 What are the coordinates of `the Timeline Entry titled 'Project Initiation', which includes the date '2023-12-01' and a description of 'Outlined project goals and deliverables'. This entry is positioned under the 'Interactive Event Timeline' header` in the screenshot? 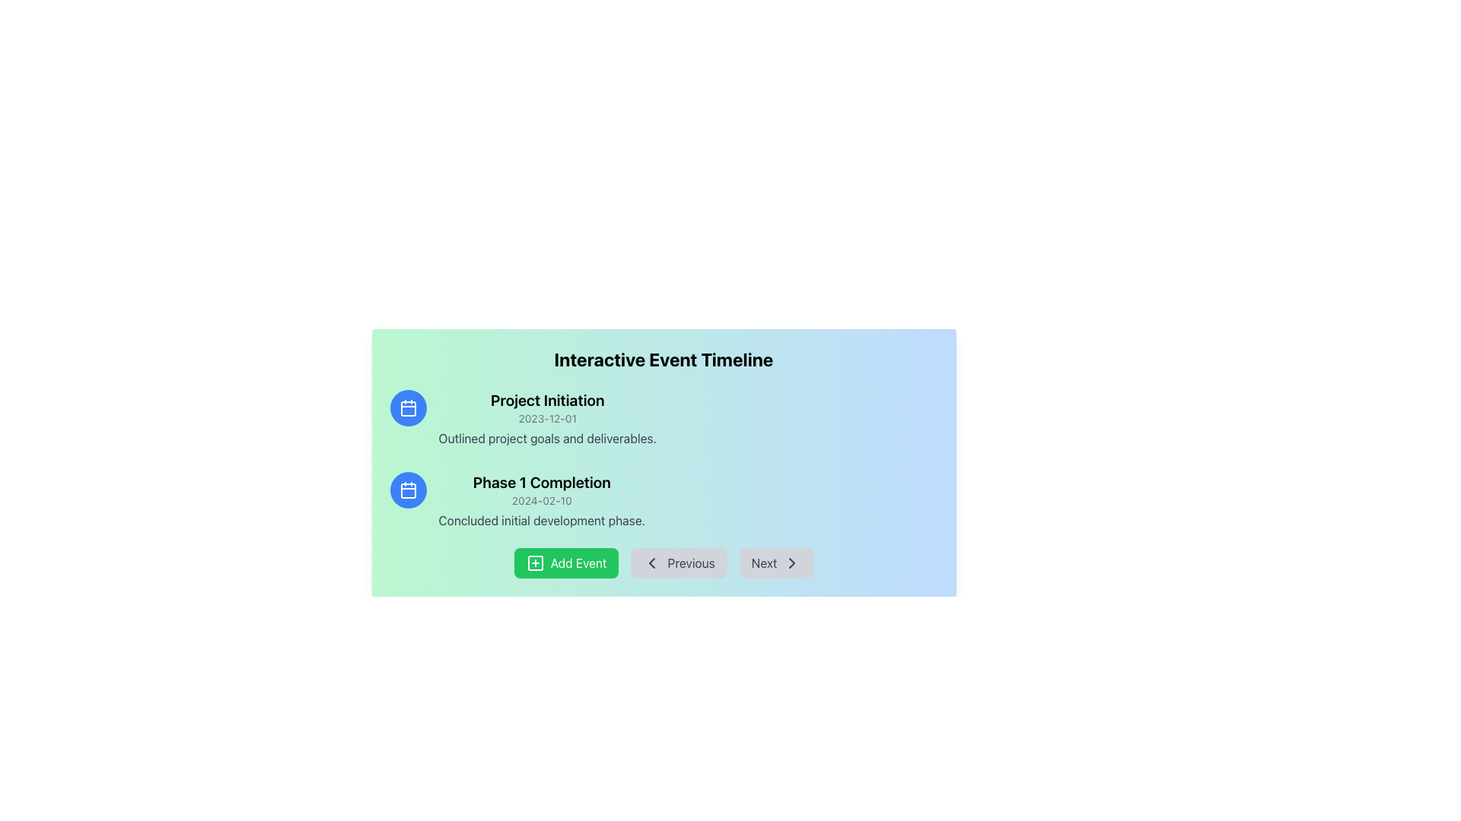 It's located at (547, 419).